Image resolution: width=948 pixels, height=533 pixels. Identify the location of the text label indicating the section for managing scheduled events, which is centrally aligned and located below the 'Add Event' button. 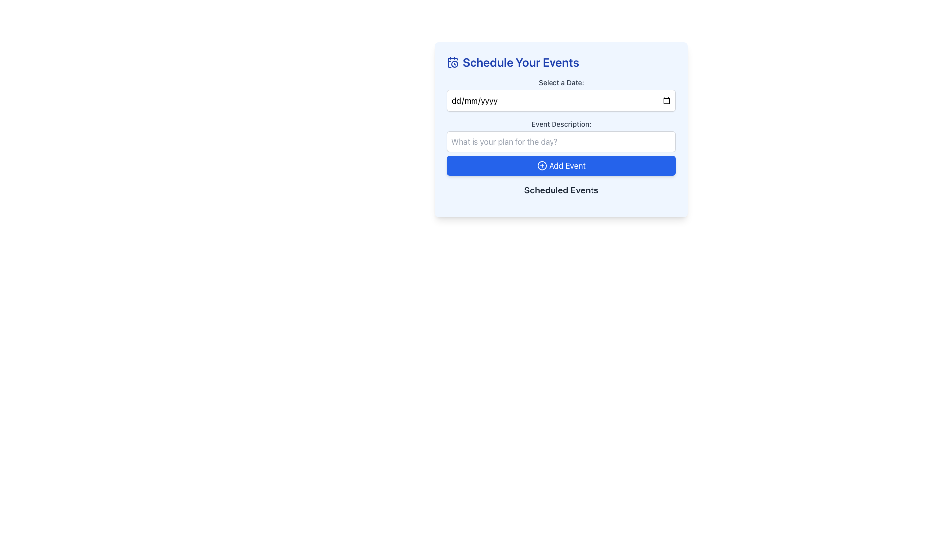
(561, 190).